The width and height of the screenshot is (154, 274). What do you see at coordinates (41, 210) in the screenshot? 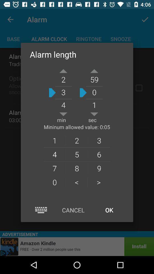
I see `open the keyboard` at bounding box center [41, 210].